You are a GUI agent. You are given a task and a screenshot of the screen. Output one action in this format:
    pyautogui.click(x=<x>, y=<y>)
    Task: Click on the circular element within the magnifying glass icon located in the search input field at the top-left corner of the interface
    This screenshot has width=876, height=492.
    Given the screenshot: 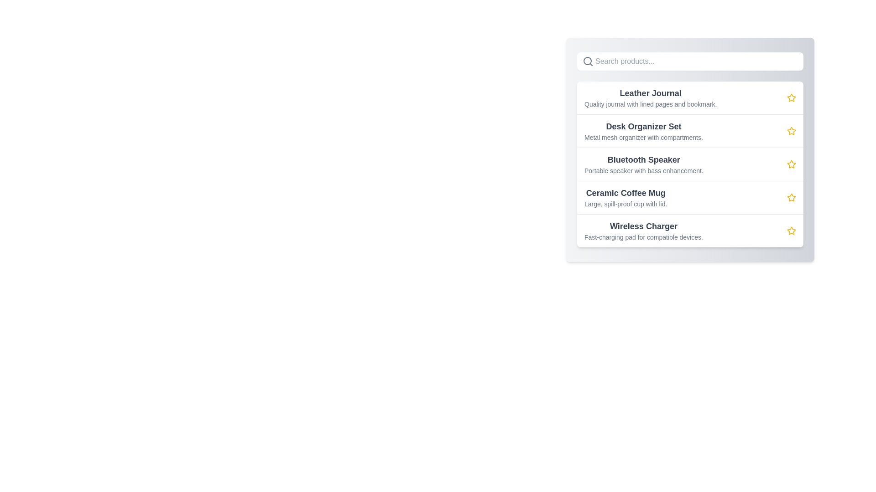 What is the action you would take?
    pyautogui.click(x=587, y=61)
    